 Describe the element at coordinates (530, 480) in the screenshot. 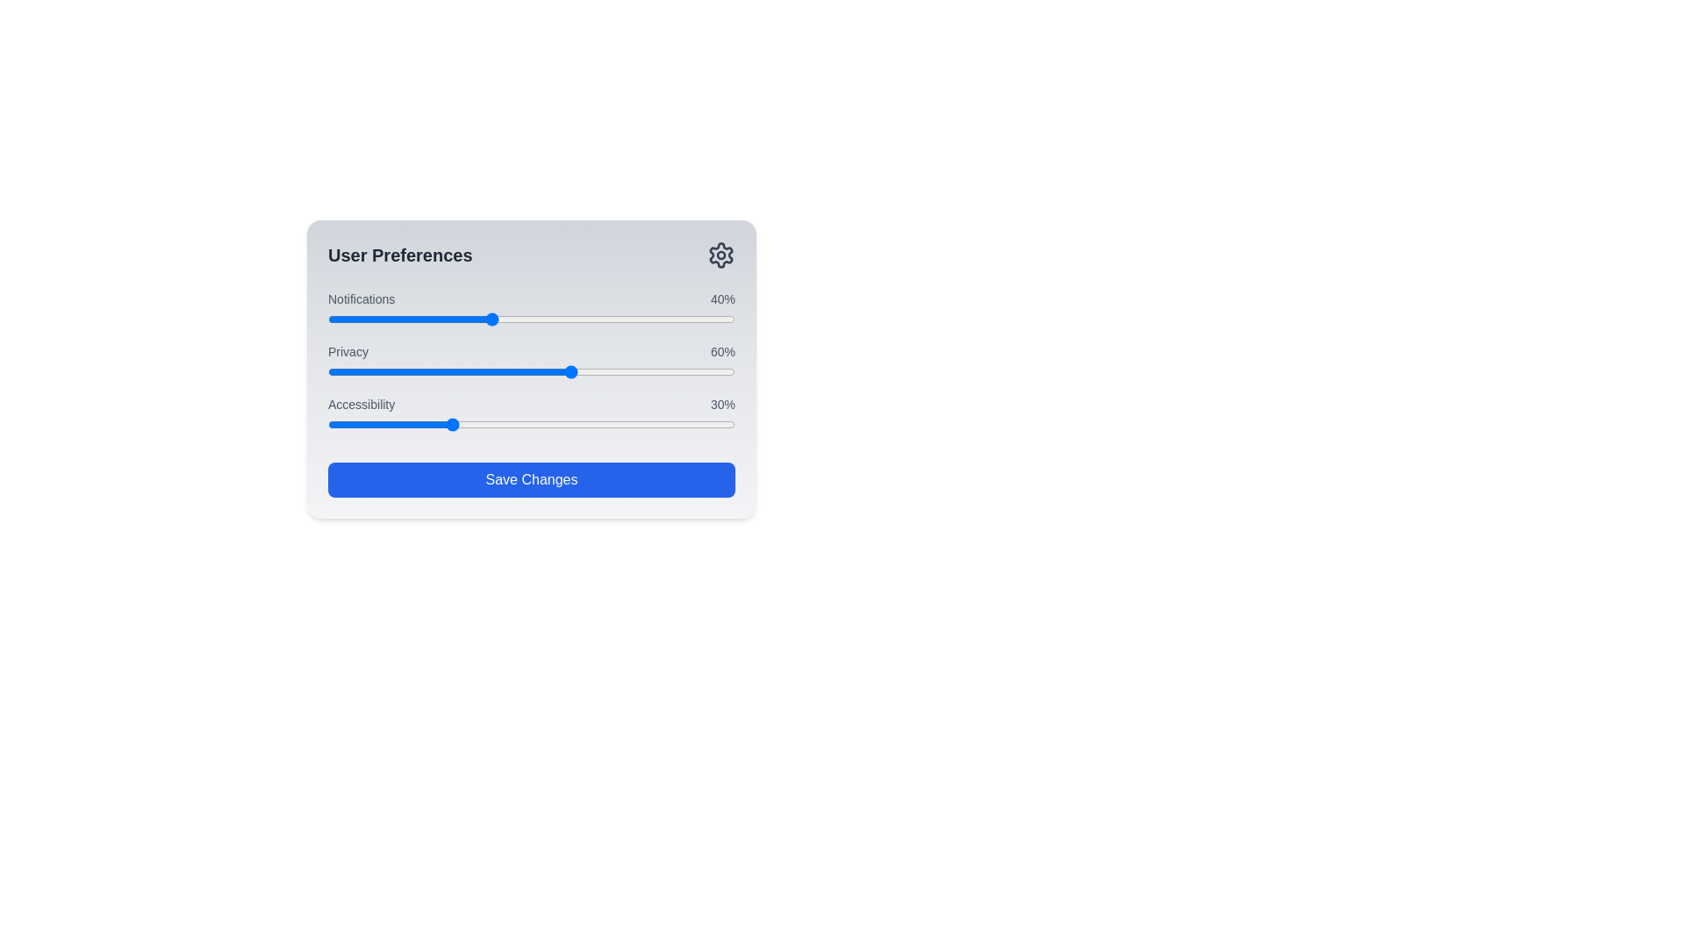

I see `the 'Save Changes' button` at that location.